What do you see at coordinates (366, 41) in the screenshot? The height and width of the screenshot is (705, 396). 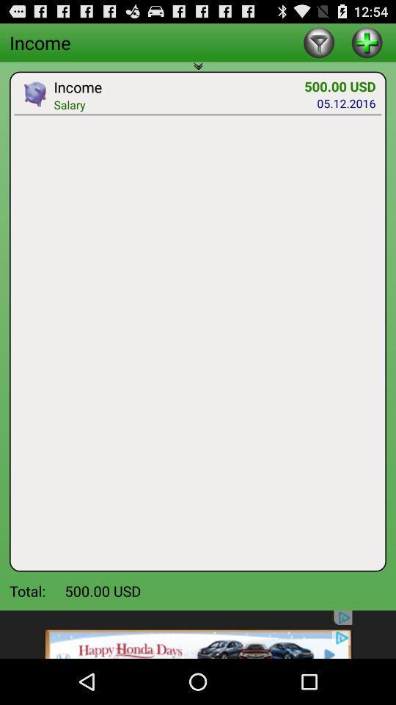 I see `add button` at bounding box center [366, 41].